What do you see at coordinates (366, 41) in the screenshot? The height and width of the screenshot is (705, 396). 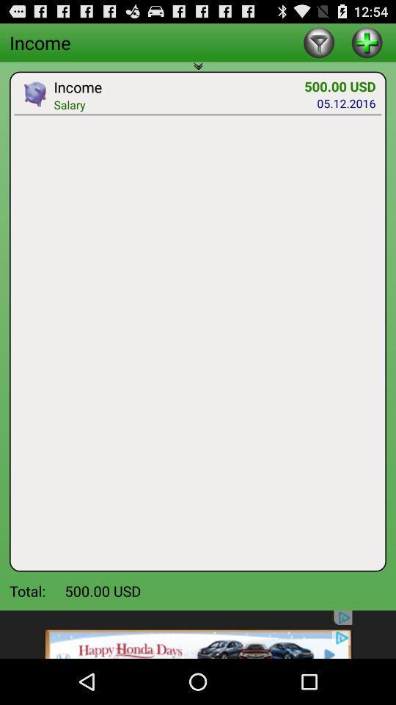 I see `add button` at bounding box center [366, 41].